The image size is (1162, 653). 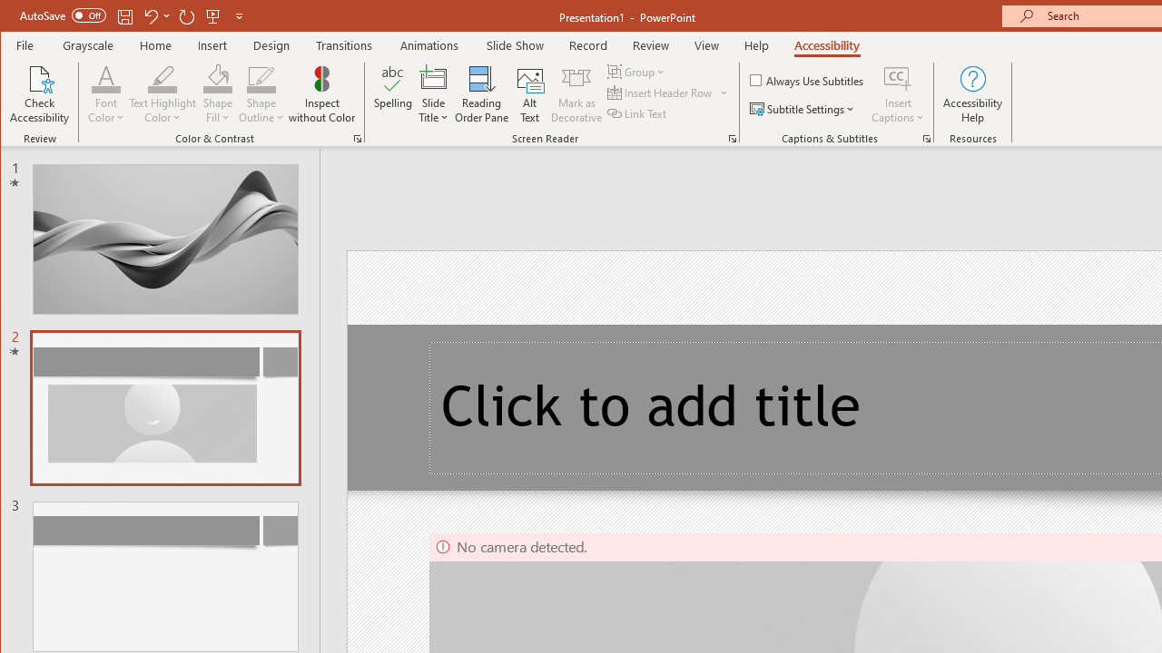 I want to click on 'Review', so click(x=651, y=44).